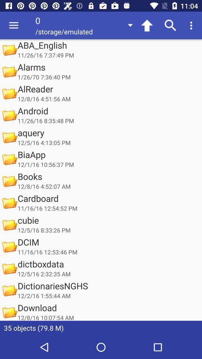 The image size is (202, 359). What do you see at coordinates (9, 137) in the screenshot?
I see `the icon left to the text aquery` at bounding box center [9, 137].